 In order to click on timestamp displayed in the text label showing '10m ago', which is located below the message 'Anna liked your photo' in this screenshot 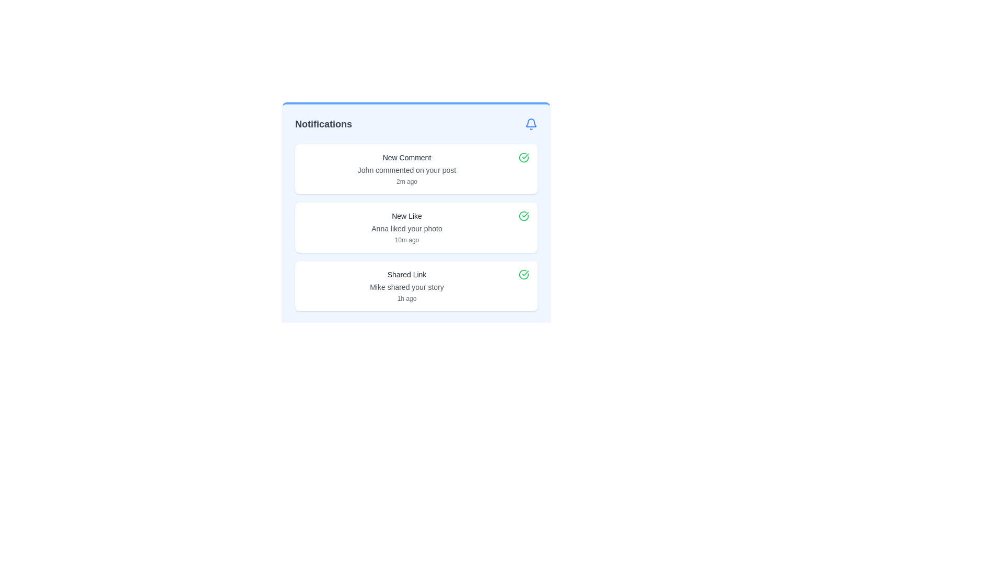, I will do `click(406, 240)`.